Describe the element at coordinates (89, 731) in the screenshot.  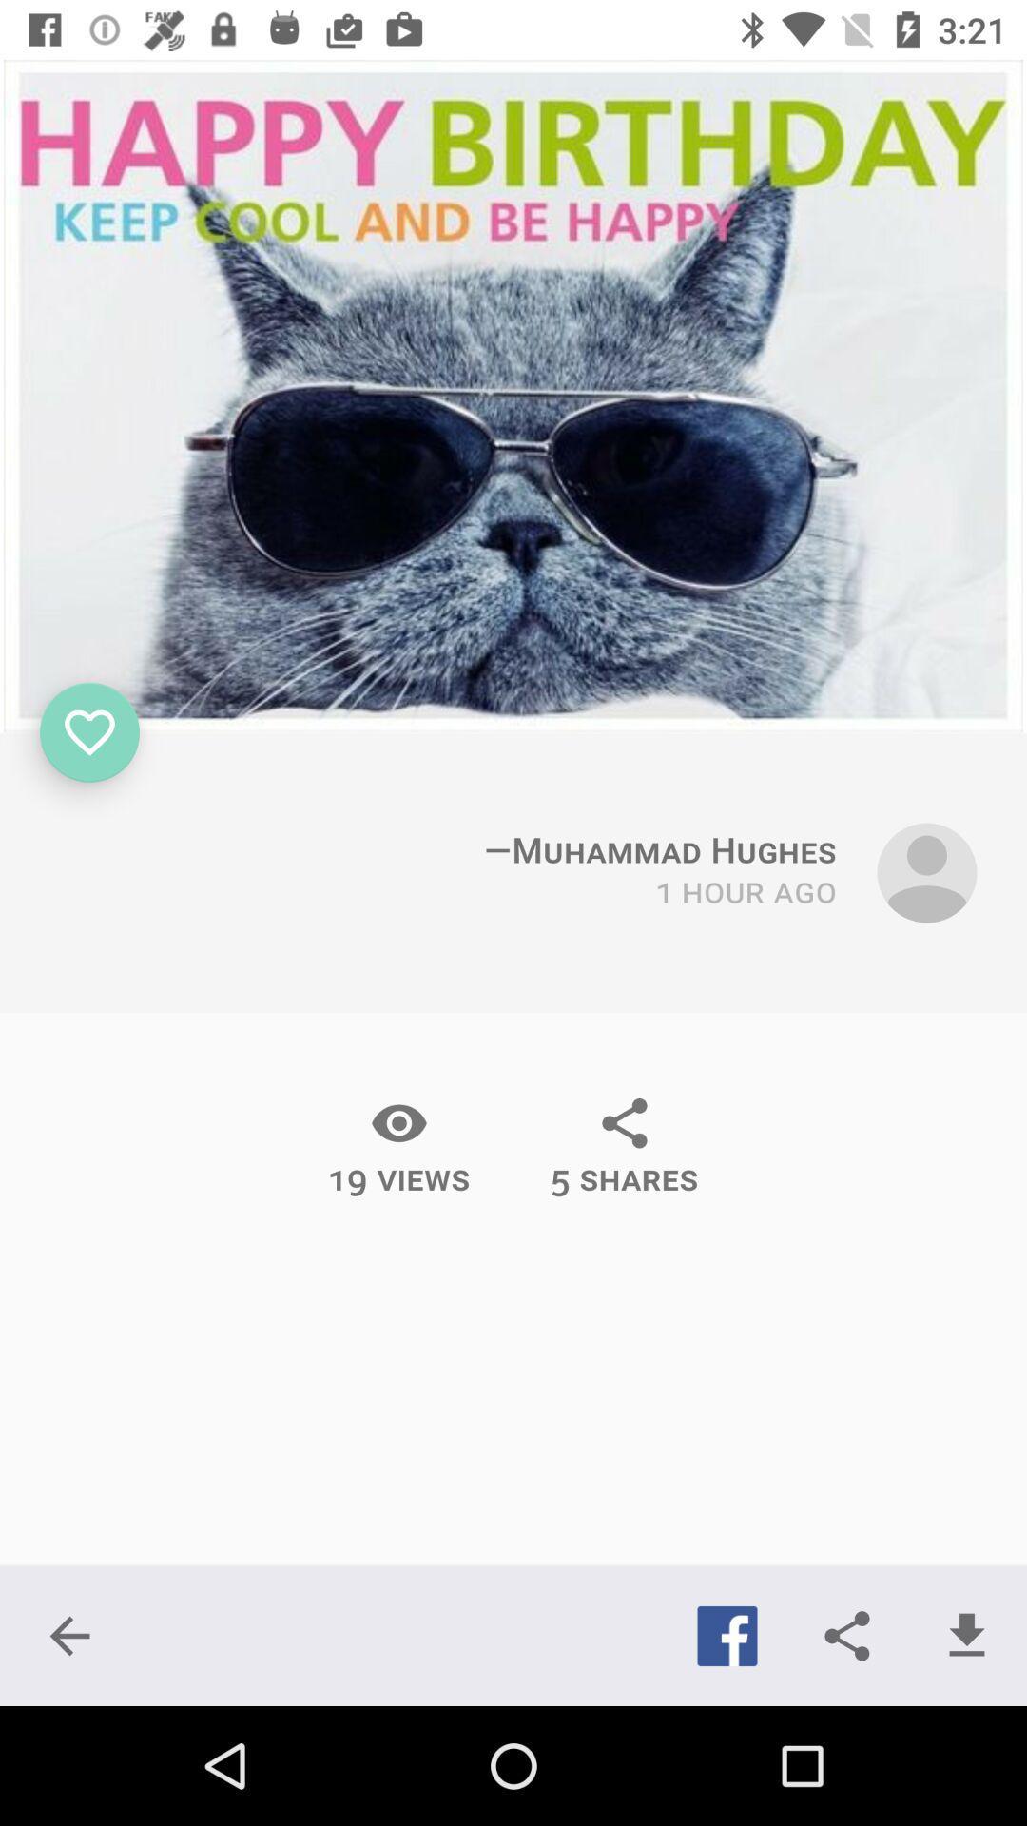
I see `icon which is below the image` at that location.